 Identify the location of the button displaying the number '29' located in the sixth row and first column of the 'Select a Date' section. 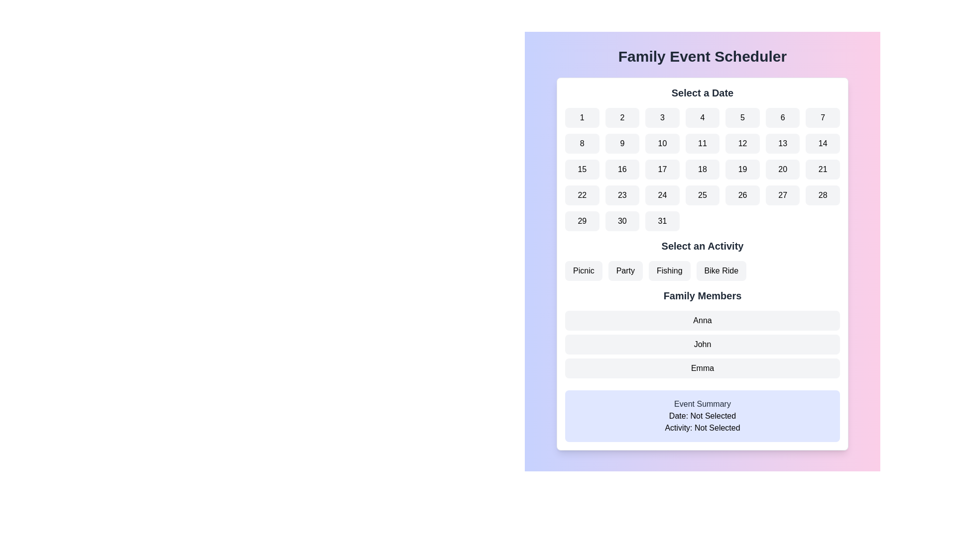
(582, 220).